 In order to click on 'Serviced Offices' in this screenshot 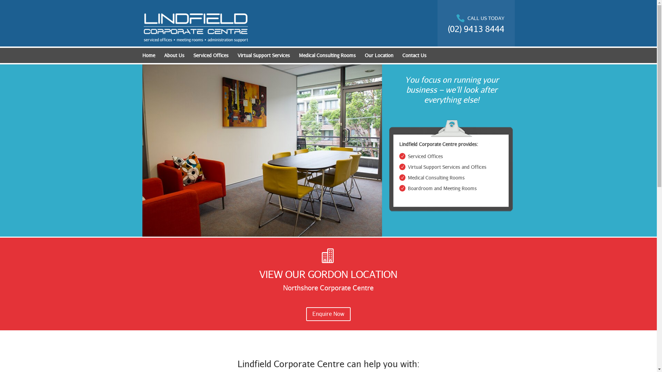, I will do `click(210, 56)`.